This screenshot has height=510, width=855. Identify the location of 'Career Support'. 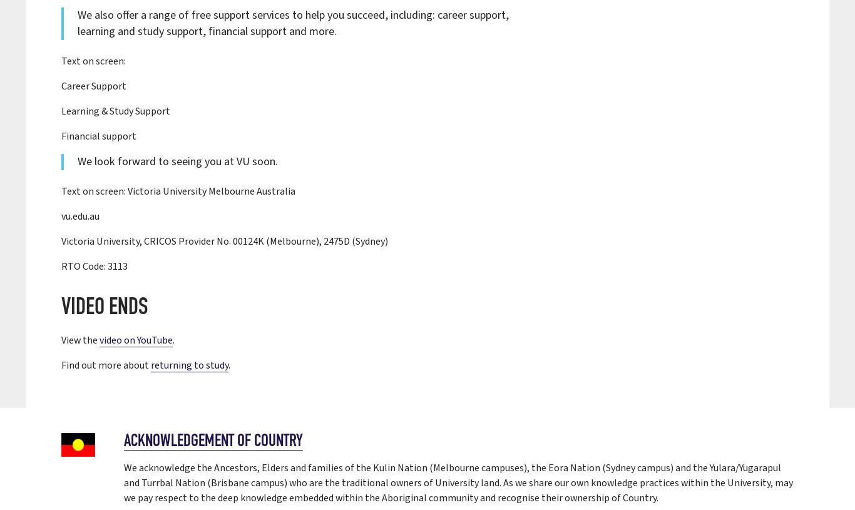
(93, 86).